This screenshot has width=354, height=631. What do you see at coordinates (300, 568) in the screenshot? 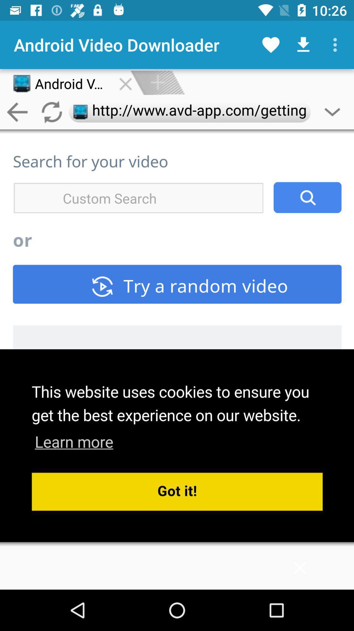
I see `the close icon` at bounding box center [300, 568].